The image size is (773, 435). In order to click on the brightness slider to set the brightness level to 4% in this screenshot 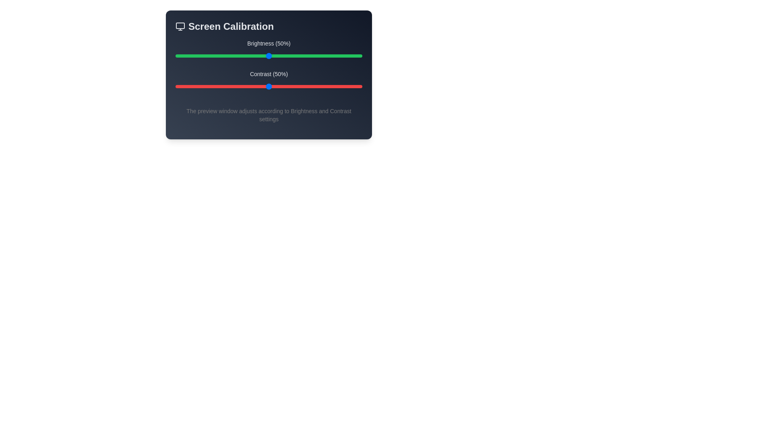, I will do `click(182, 55)`.